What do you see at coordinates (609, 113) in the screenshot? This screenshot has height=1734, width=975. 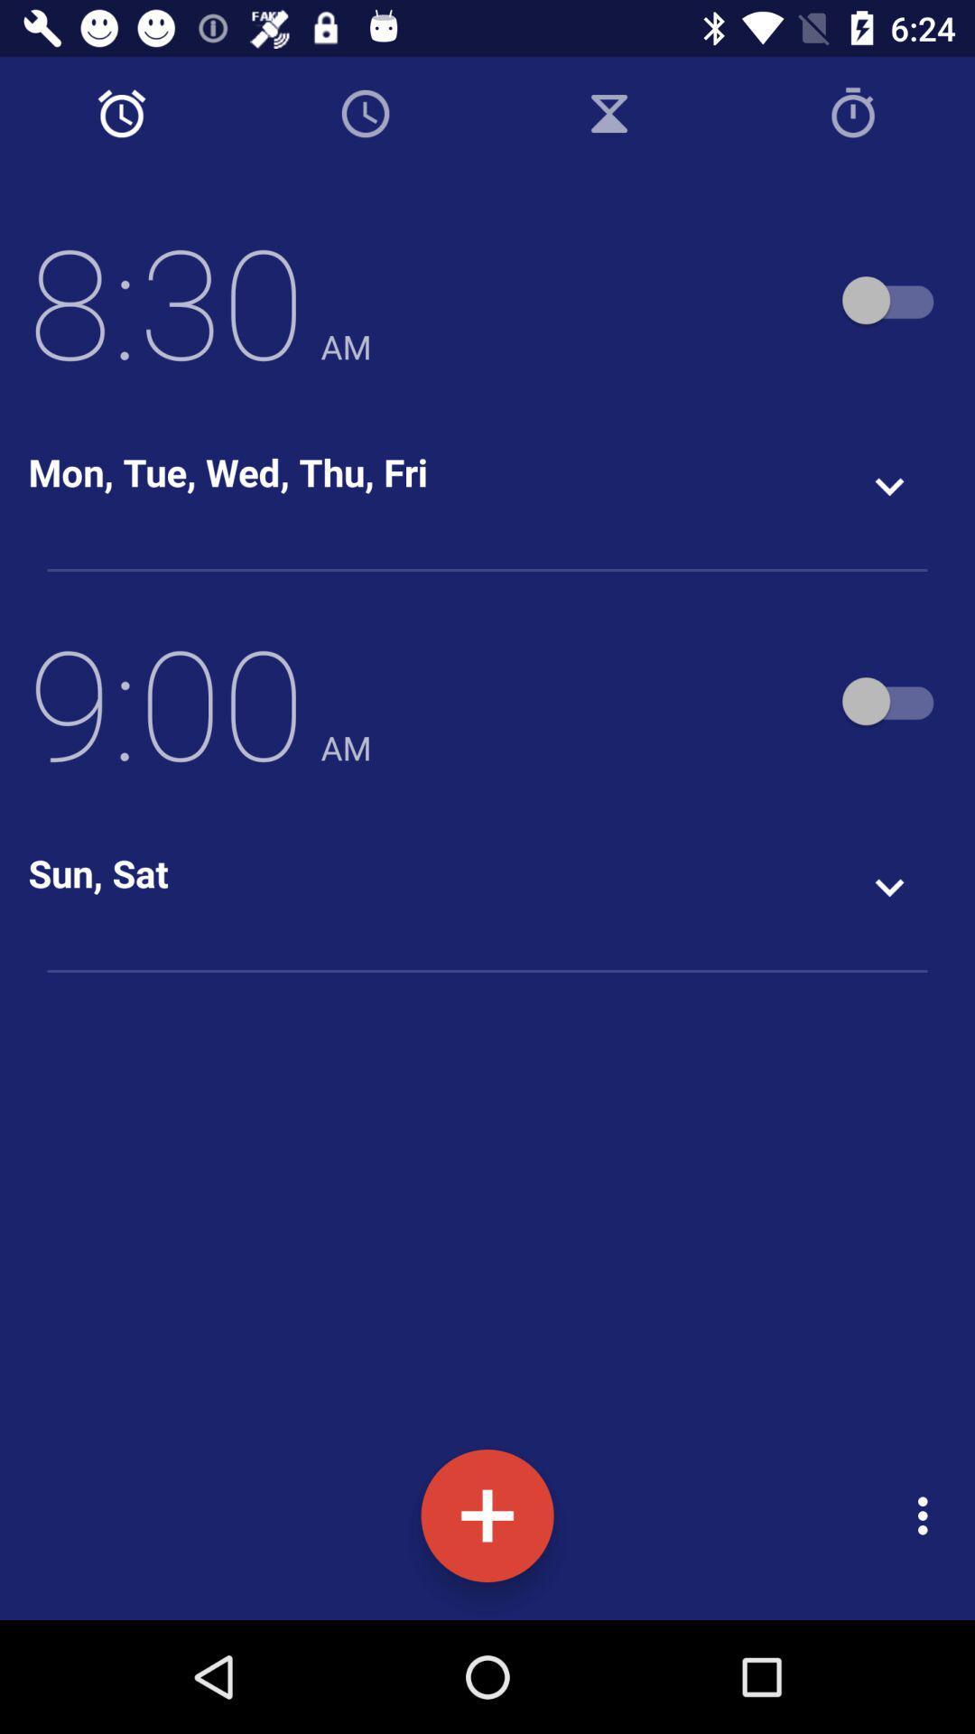 I see `the top third button of the page` at bounding box center [609, 113].